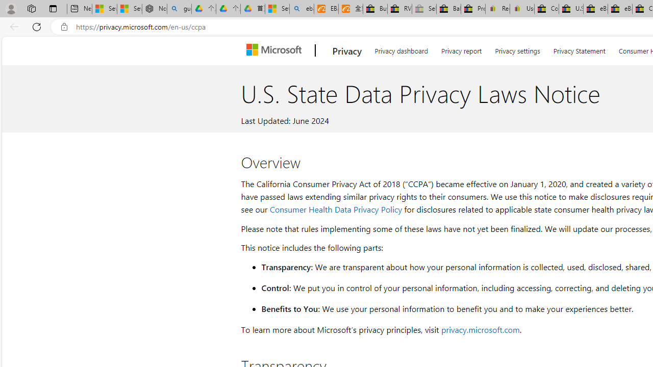 This screenshot has height=367, width=653. What do you see at coordinates (448, 9) in the screenshot?
I see `'Baby Keepsakes & Announcements for sale | eBay'` at bounding box center [448, 9].